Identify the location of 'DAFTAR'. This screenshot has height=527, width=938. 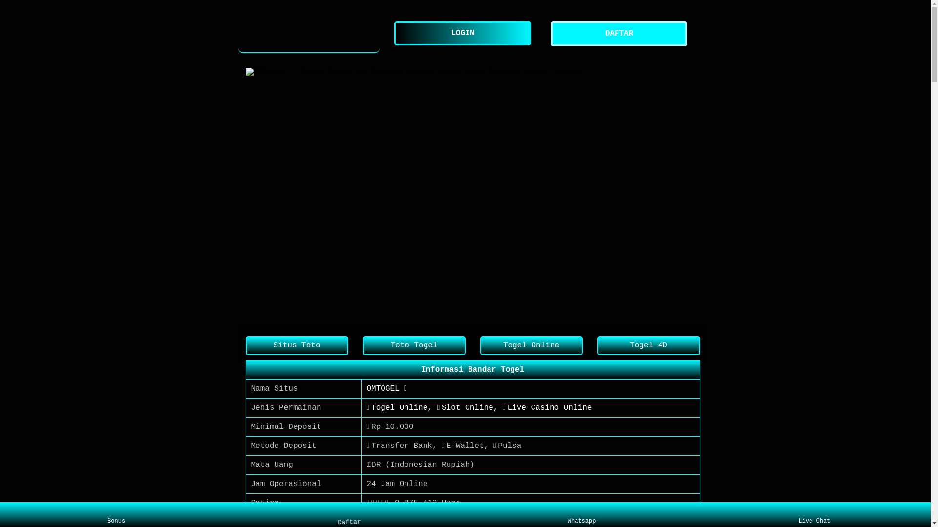
(621, 33).